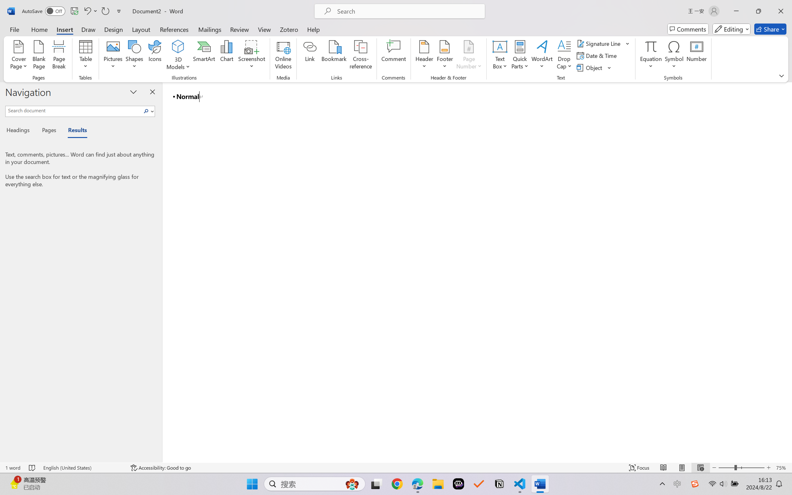 The width and height of the screenshot is (792, 495). Describe the element at coordinates (469, 56) in the screenshot. I see `'Page Number'` at that location.